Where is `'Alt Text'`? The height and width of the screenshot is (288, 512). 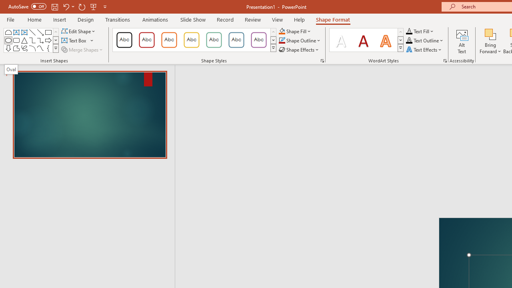
'Alt Text' is located at coordinates (462, 41).